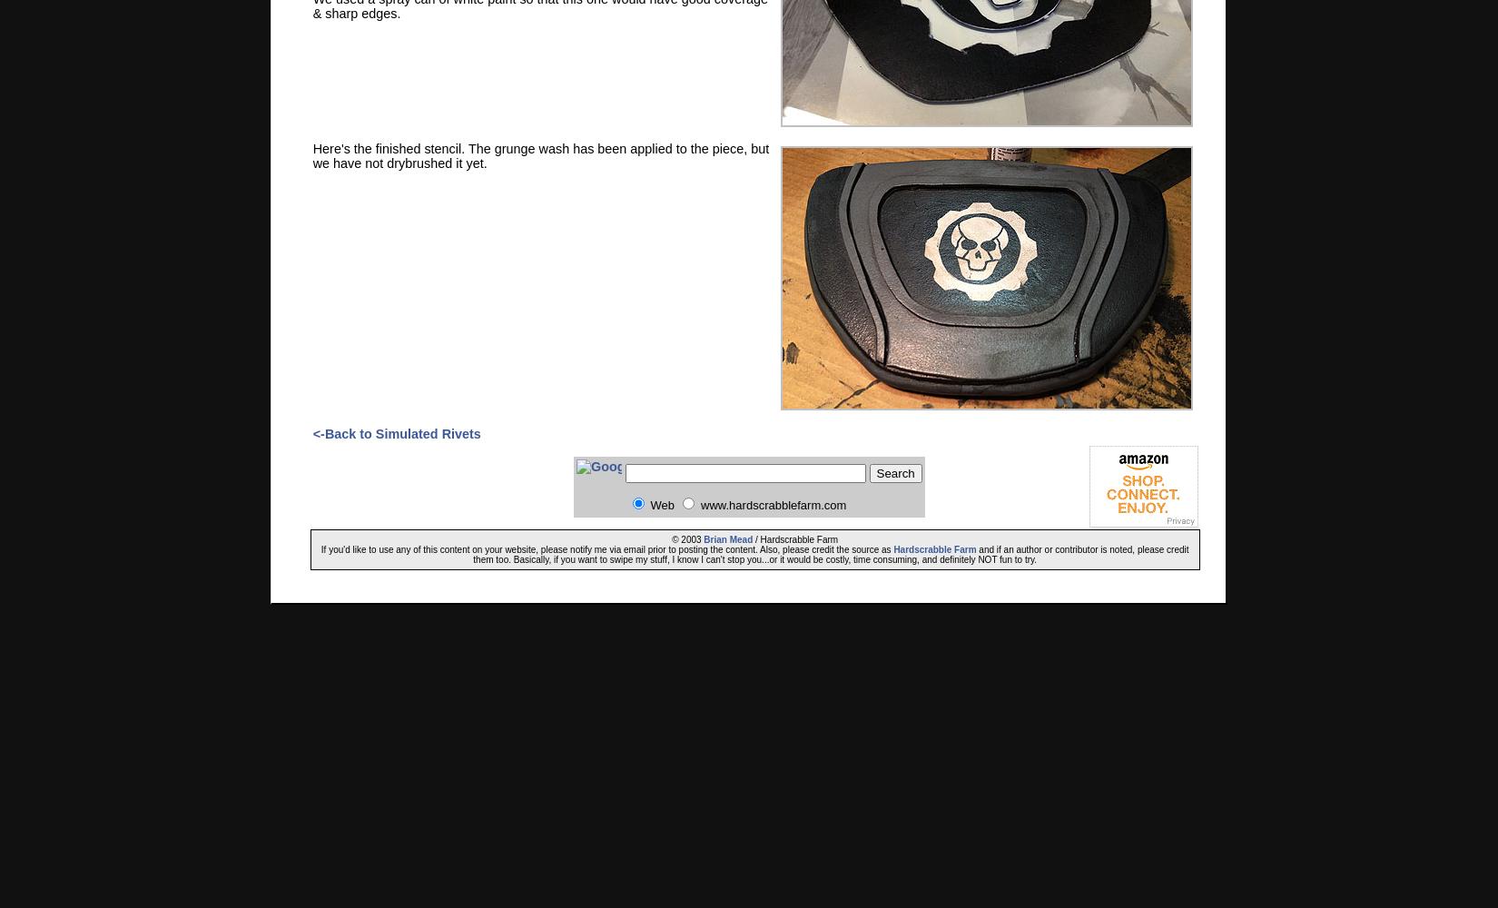  What do you see at coordinates (671, 538) in the screenshot?
I see `'© 2003'` at bounding box center [671, 538].